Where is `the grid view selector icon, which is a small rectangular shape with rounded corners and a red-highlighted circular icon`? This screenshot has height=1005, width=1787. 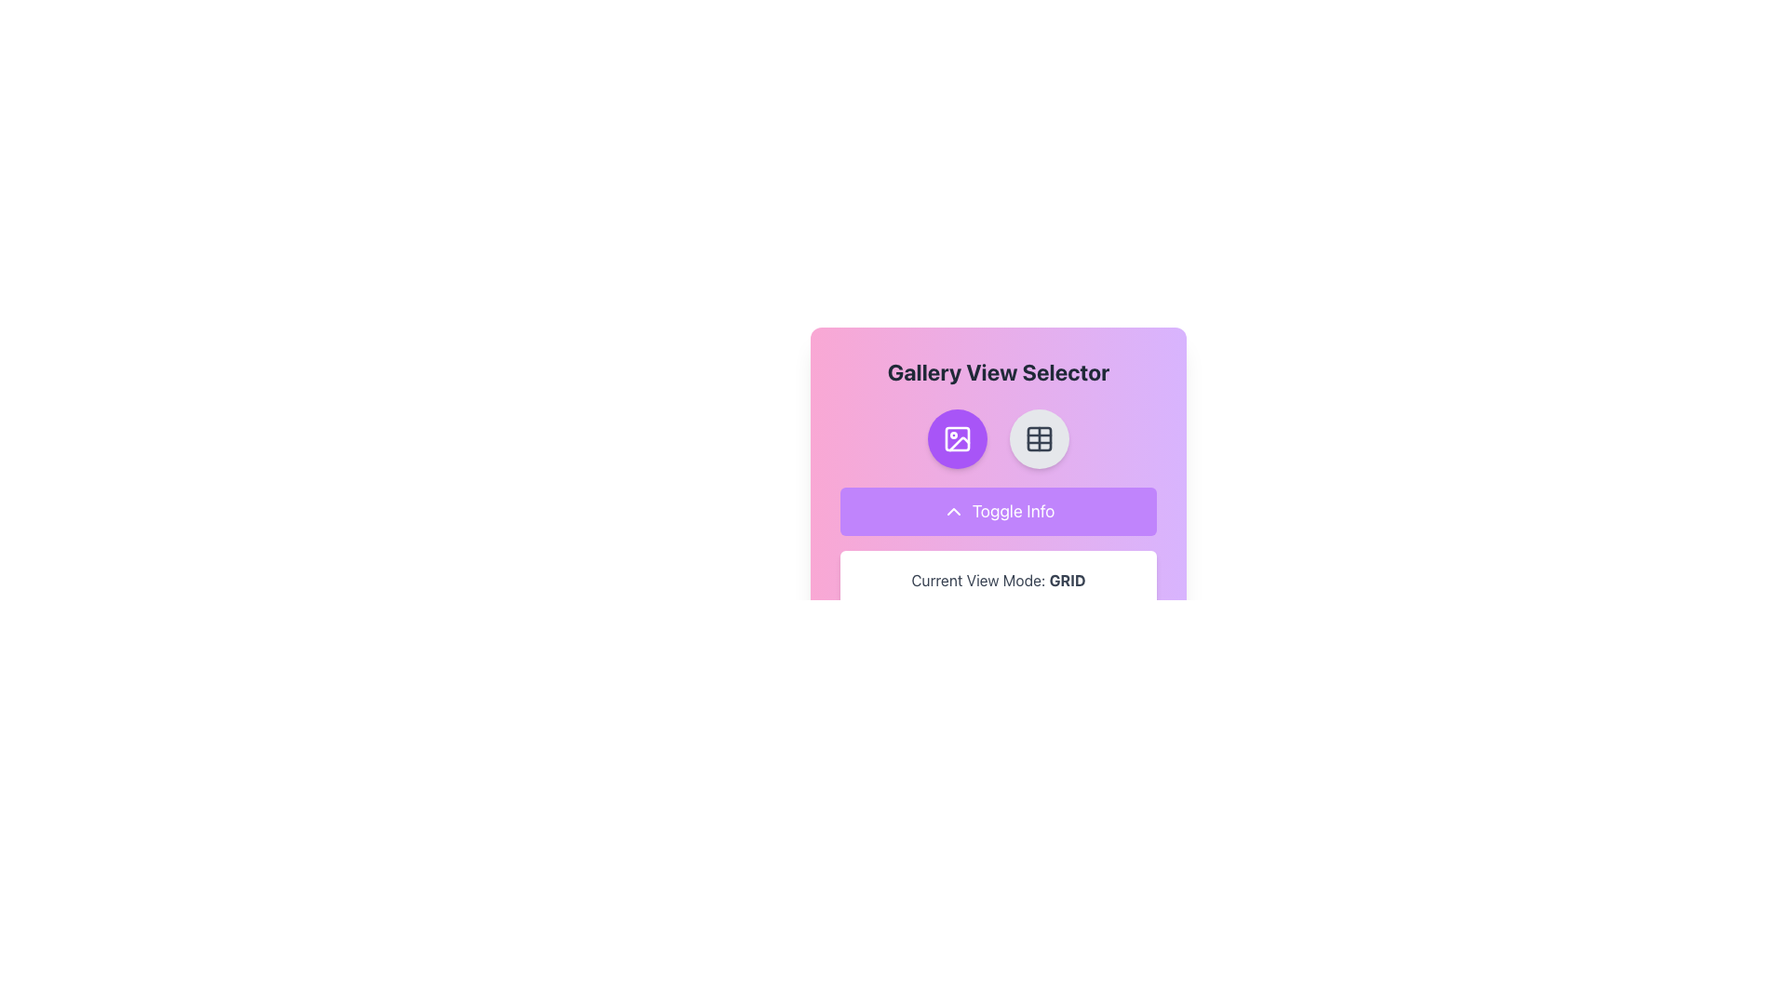 the grid view selector icon, which is a small rectangular shape with rounded corners and a red-highlighted circular icon is located at coordinates (1039, 438).